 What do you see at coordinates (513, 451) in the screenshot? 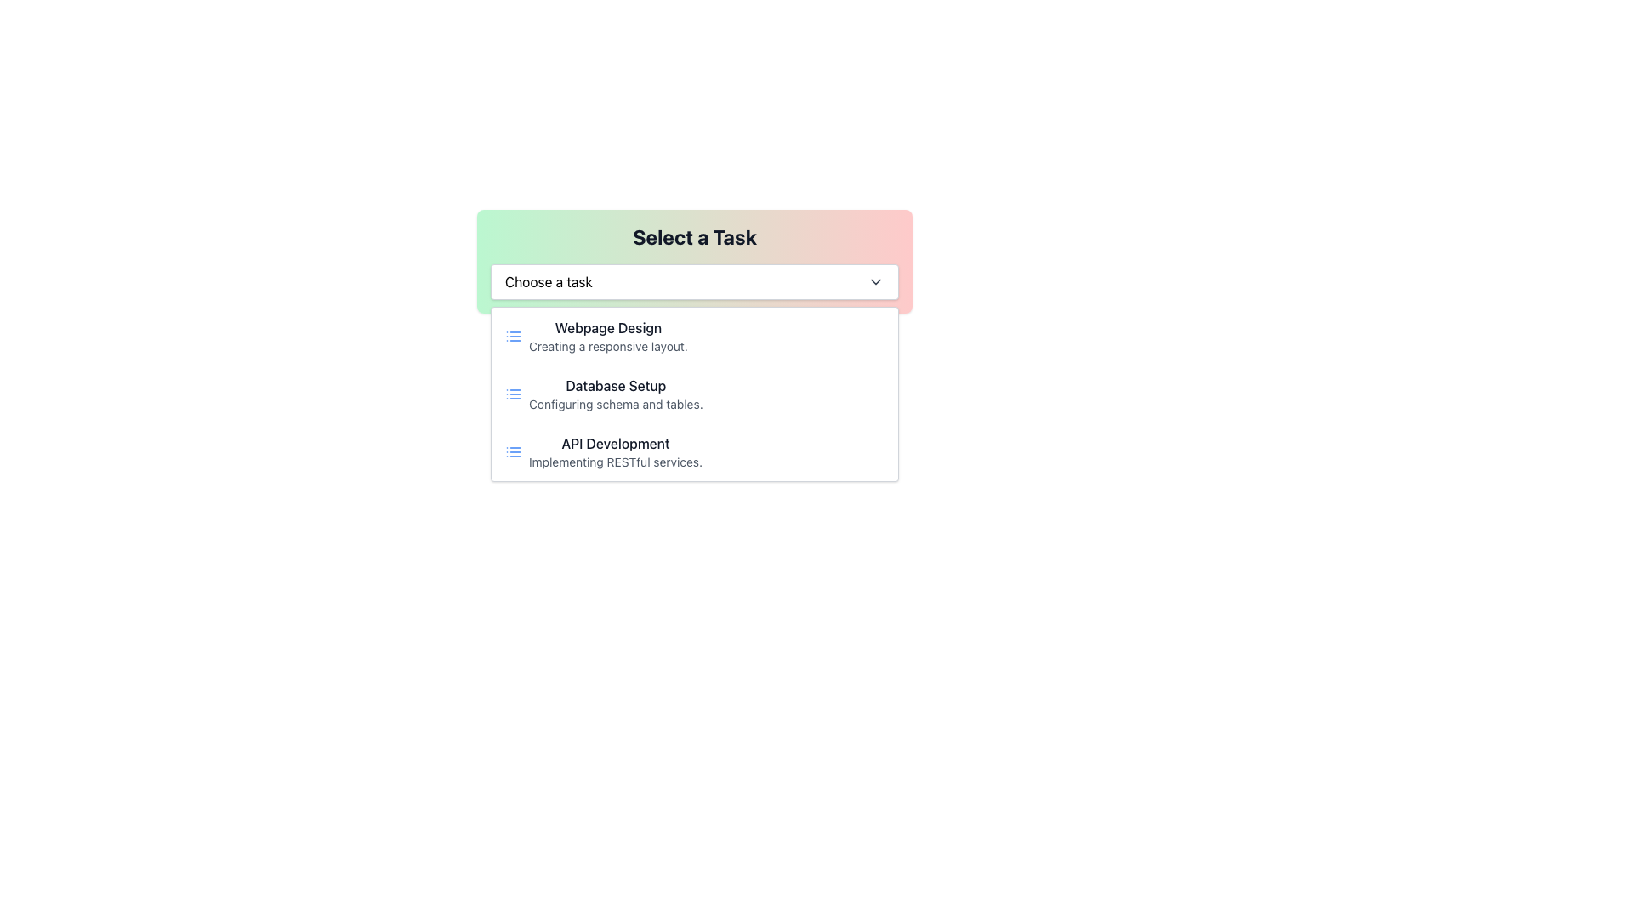
I see `the API Development icon, which is the third item in a vertically arranged list of tasks, located to the left of the title 'API Development'` at bounding box center [513, 451].